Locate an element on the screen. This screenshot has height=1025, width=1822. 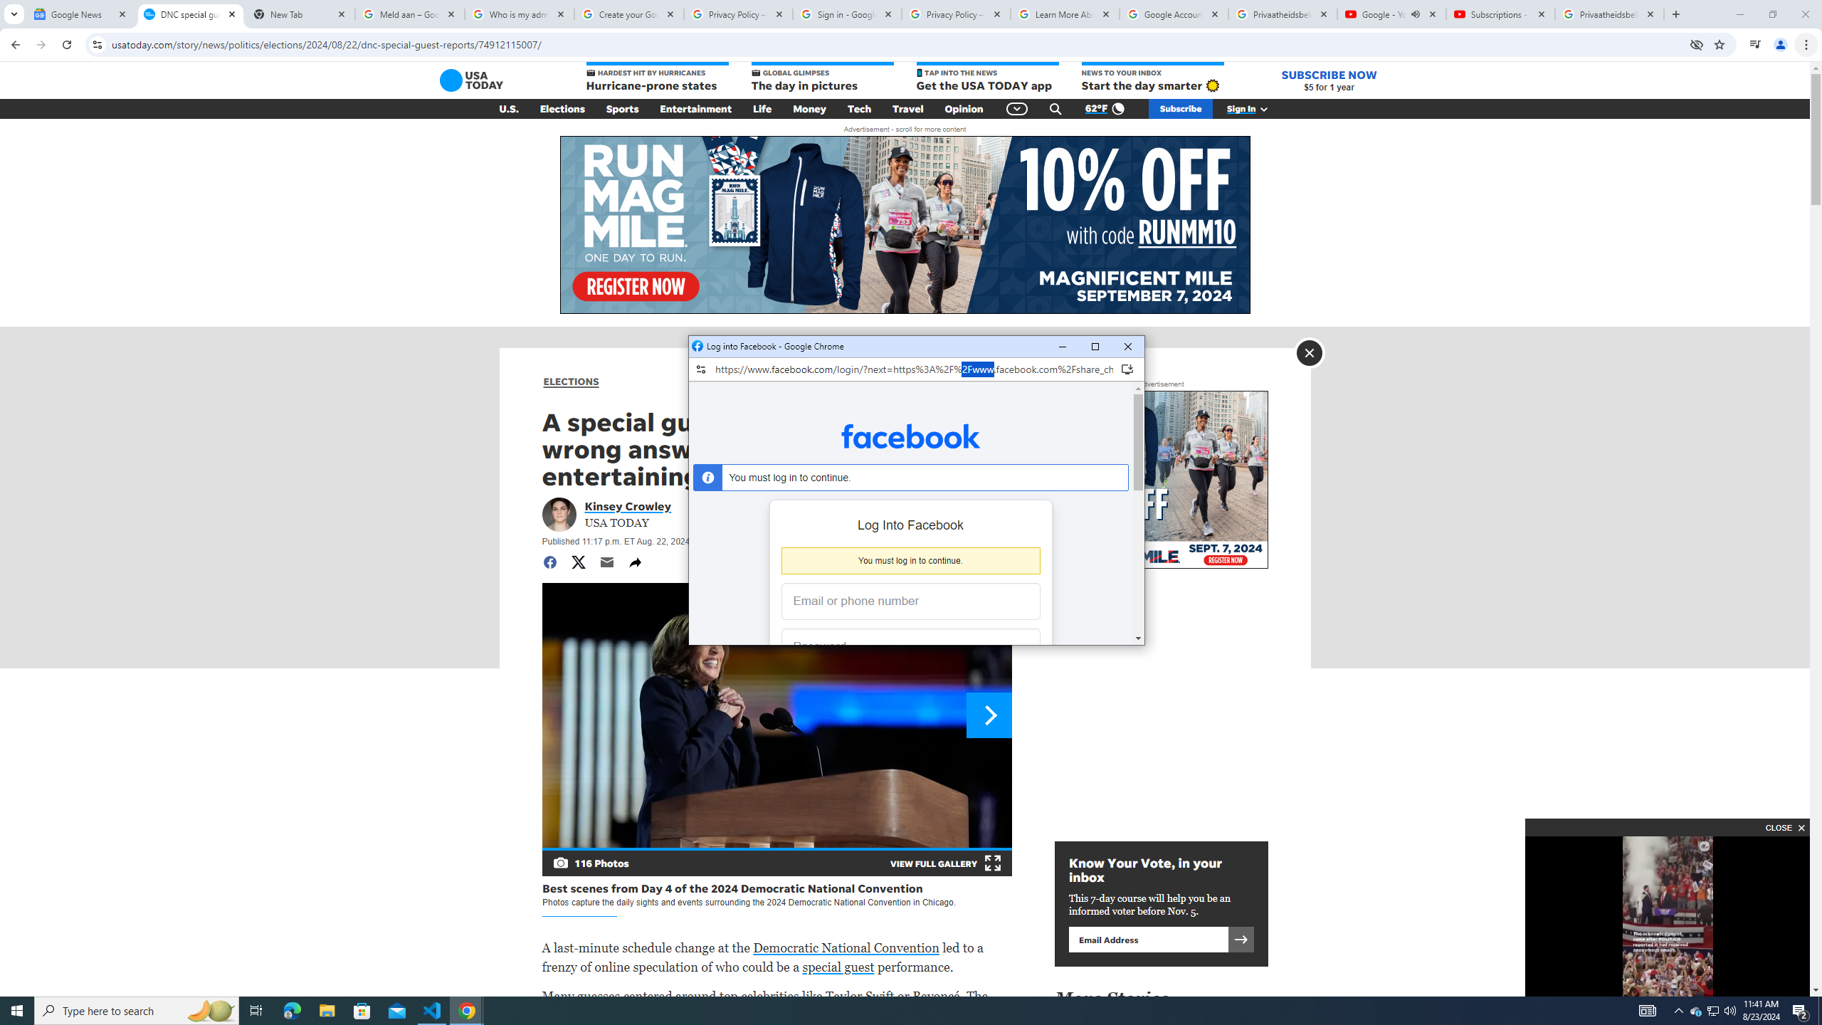
'Who is my administrator? - Google Account Help' is located at coordinates (519, 14).